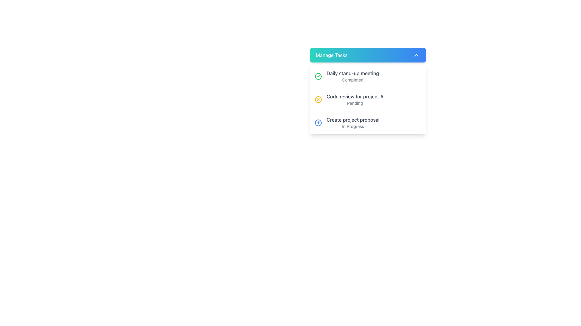  Describe the element at coordinates (353, 126) in the screenshot. I see `the status indicator text label showing that the task 'Create project proposal' is currently in progress, located beneath the task title in the third entry of the task list` at that location.